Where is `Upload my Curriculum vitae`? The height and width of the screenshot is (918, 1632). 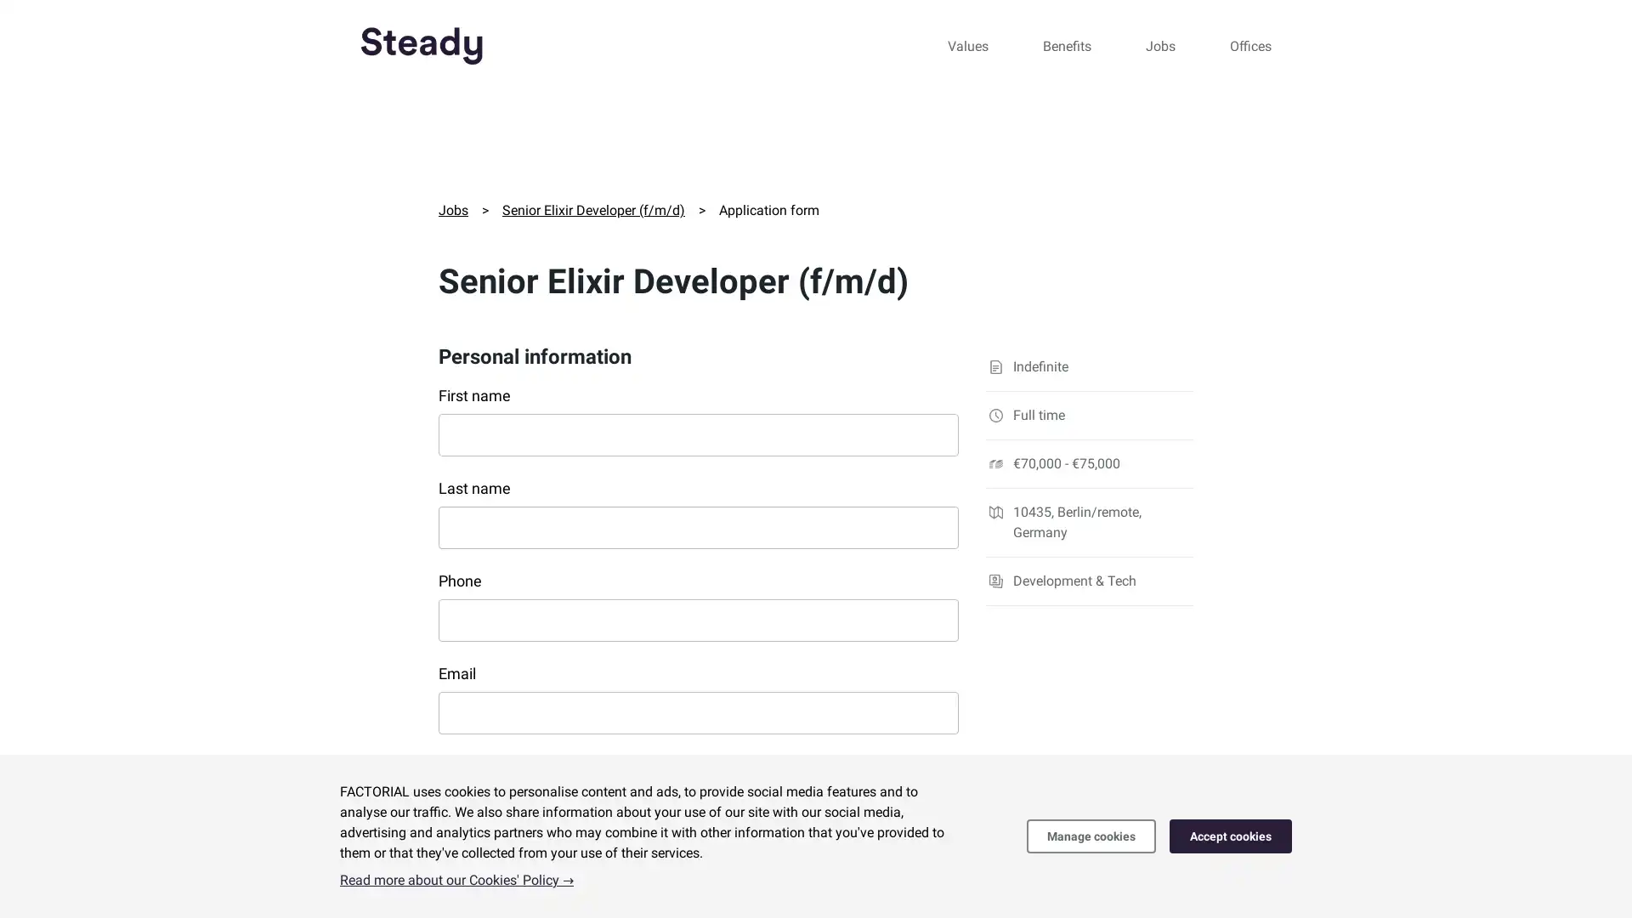
Upload my Curriculum vitae is located at coordinates (449, 847).